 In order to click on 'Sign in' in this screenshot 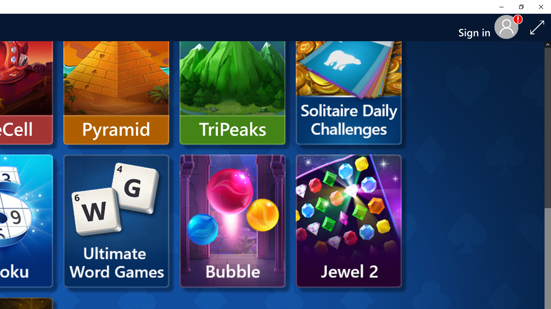, I will do `click(477, 27)`.